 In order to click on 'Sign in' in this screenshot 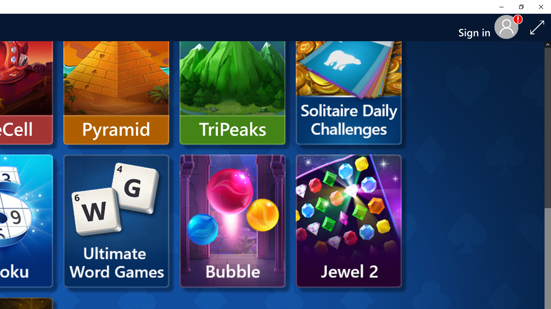, I will do `click(477, 27)`.